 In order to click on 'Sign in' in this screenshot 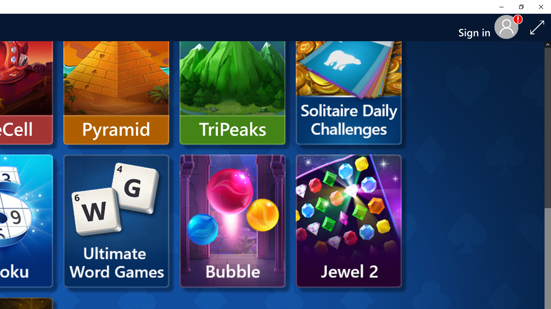, I will do `click(477, 27)`.